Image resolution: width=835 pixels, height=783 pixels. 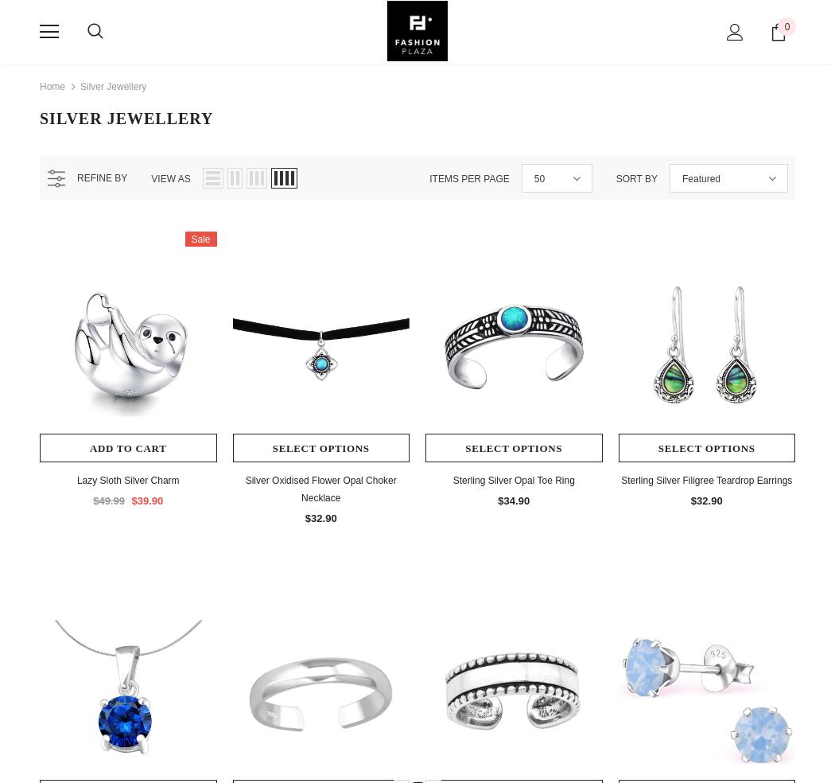 What do you see at coordinates (130, 501) in the screenshot?
I see `'$39.90'` at bounding box center [130, 501].